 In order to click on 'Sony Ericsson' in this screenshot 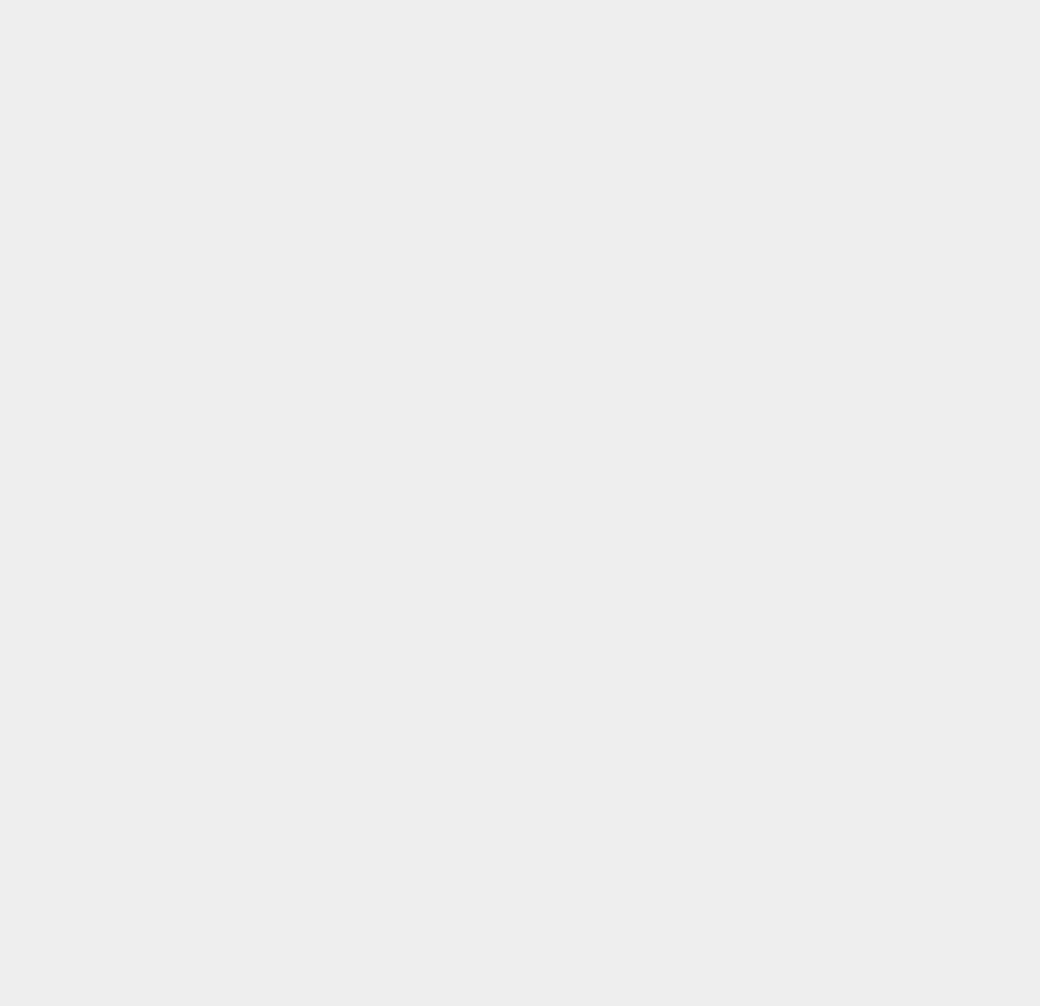, I will do `click(736, 824)`.